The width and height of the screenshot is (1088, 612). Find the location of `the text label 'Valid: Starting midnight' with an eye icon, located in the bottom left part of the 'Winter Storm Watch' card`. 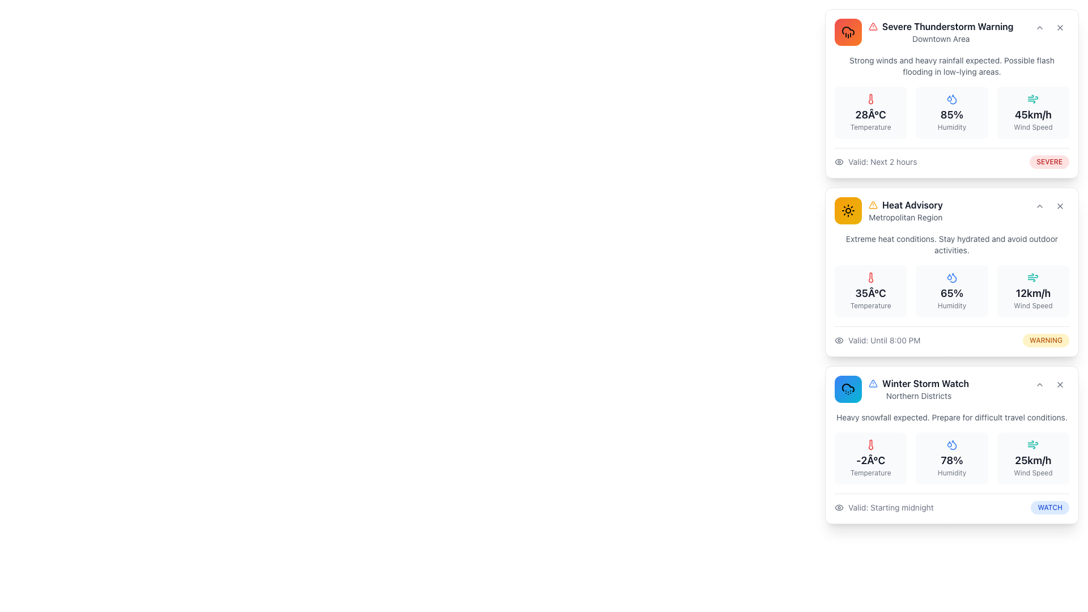

the text label 'Valid: Starting midnight' with an eye icon, located in the bottom left part of the 'Winter Storm Watch' card is located at coordinates (883, 507).